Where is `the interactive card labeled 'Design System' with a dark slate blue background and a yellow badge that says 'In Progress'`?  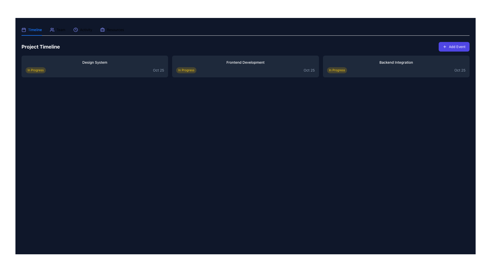
the interactive card labeled 'Design System' with a dark slate blue background and a yellow badge that says 'In Progress' is located at coordinates (95, 66).